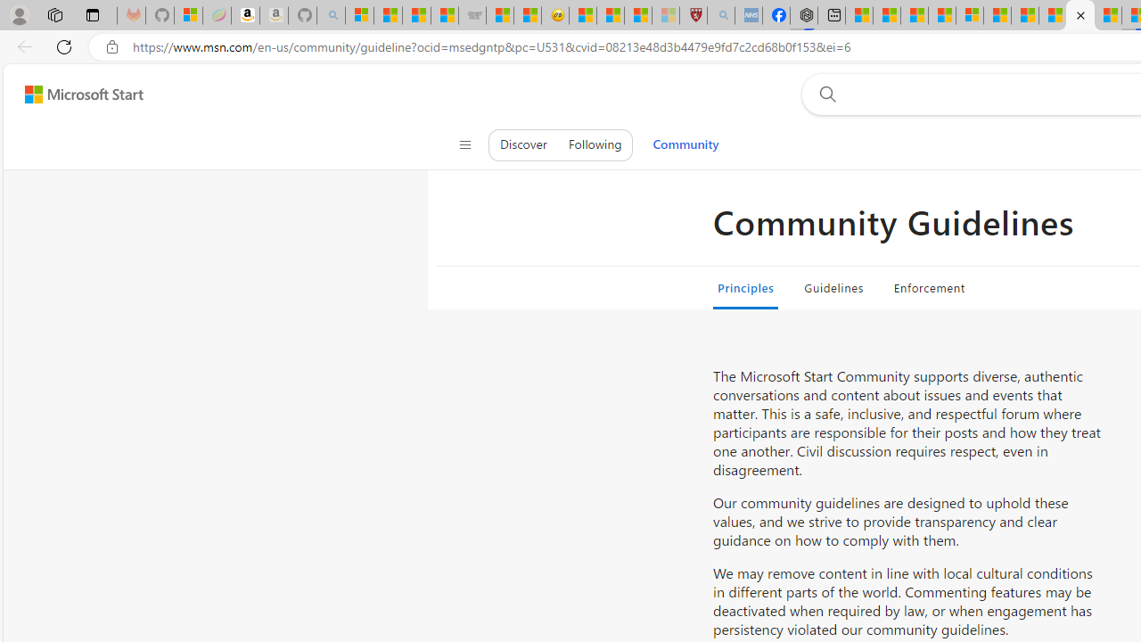 The width and height of the screenshot is (1141, 642). I want to click on 'Workspaces', so click(54, 14).